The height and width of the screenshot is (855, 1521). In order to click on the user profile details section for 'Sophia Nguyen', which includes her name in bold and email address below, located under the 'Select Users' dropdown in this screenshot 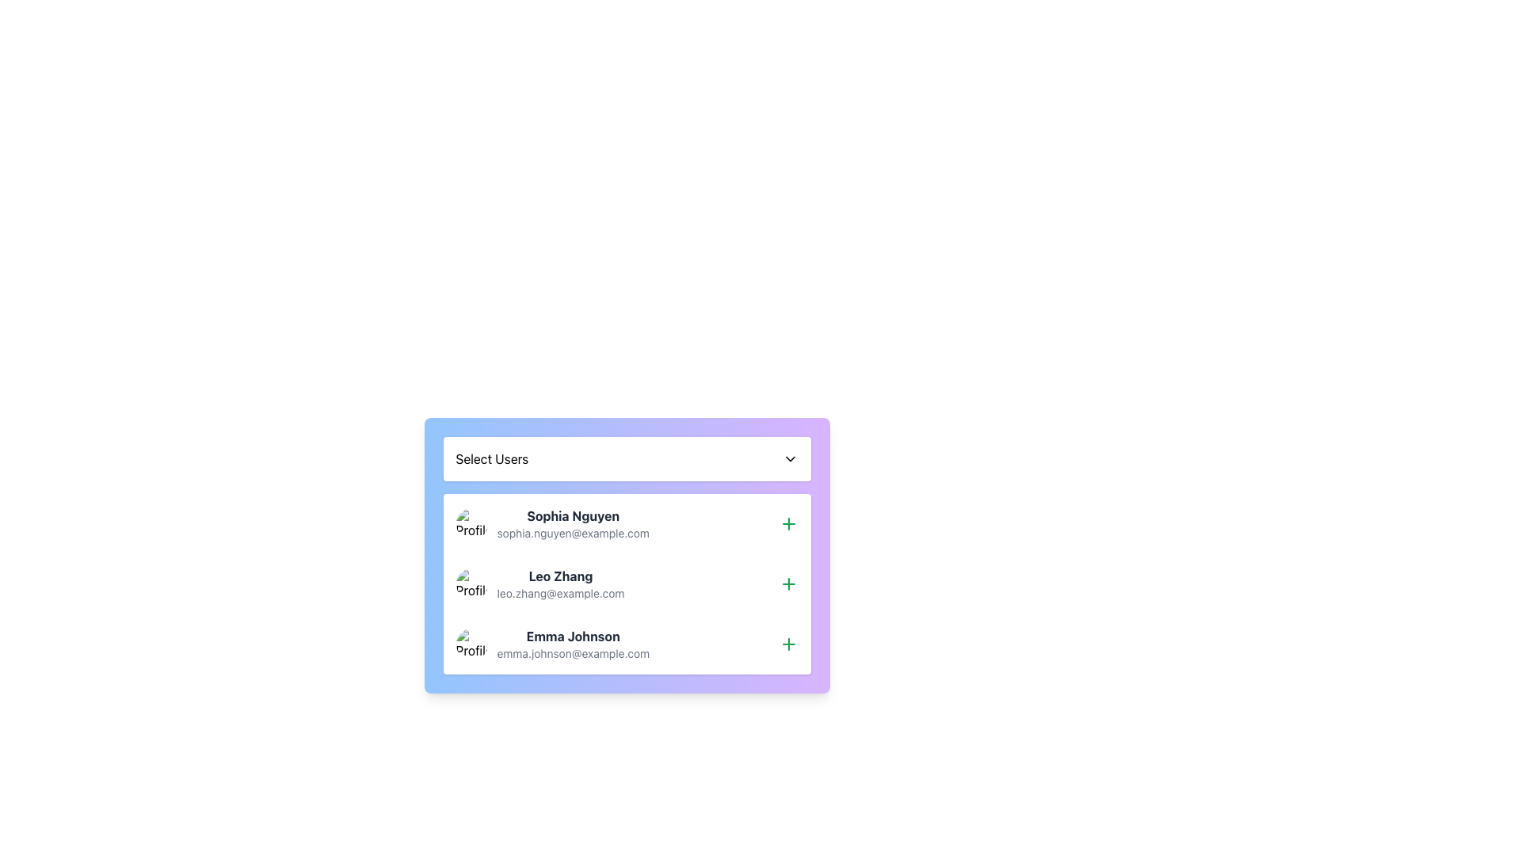, I will do `click(572, 524)`.